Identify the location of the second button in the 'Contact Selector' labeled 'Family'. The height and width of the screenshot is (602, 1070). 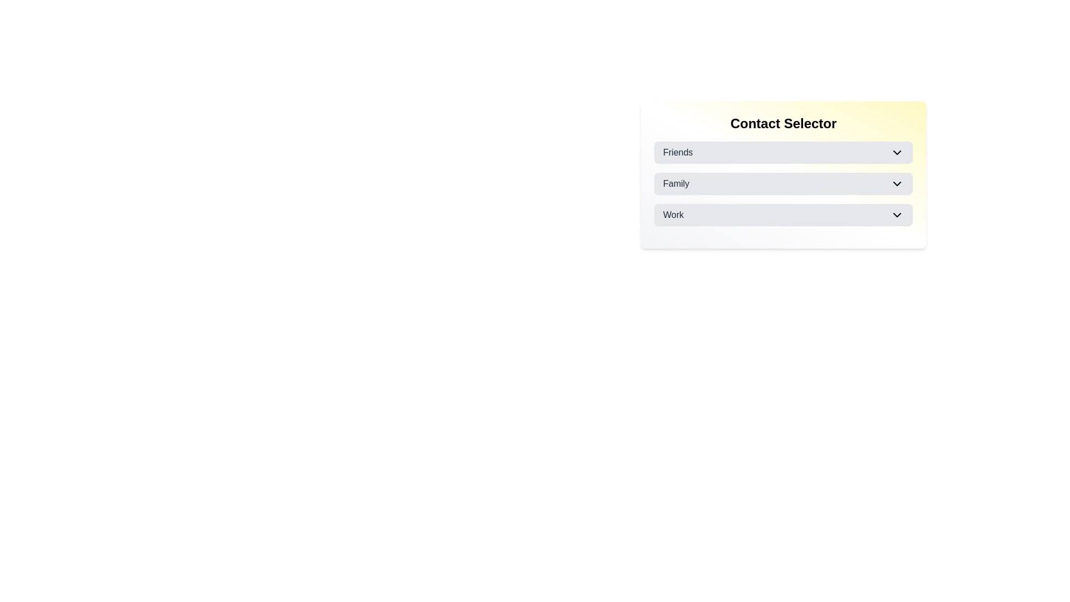
(783, 183).